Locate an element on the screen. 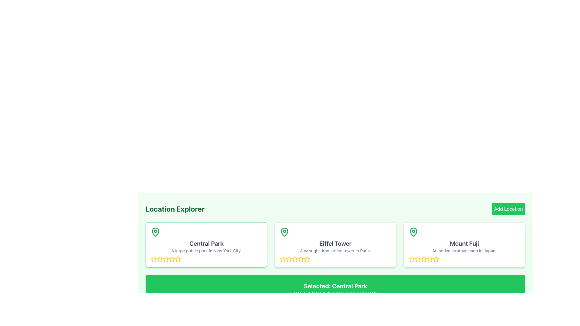 This screenshot has height=326, width=580. the third yellow star icon in the five-star rating system located under the 'Eiffel Tower' card in the 'Location Explorer' interface is located at coordinates (295, 259).